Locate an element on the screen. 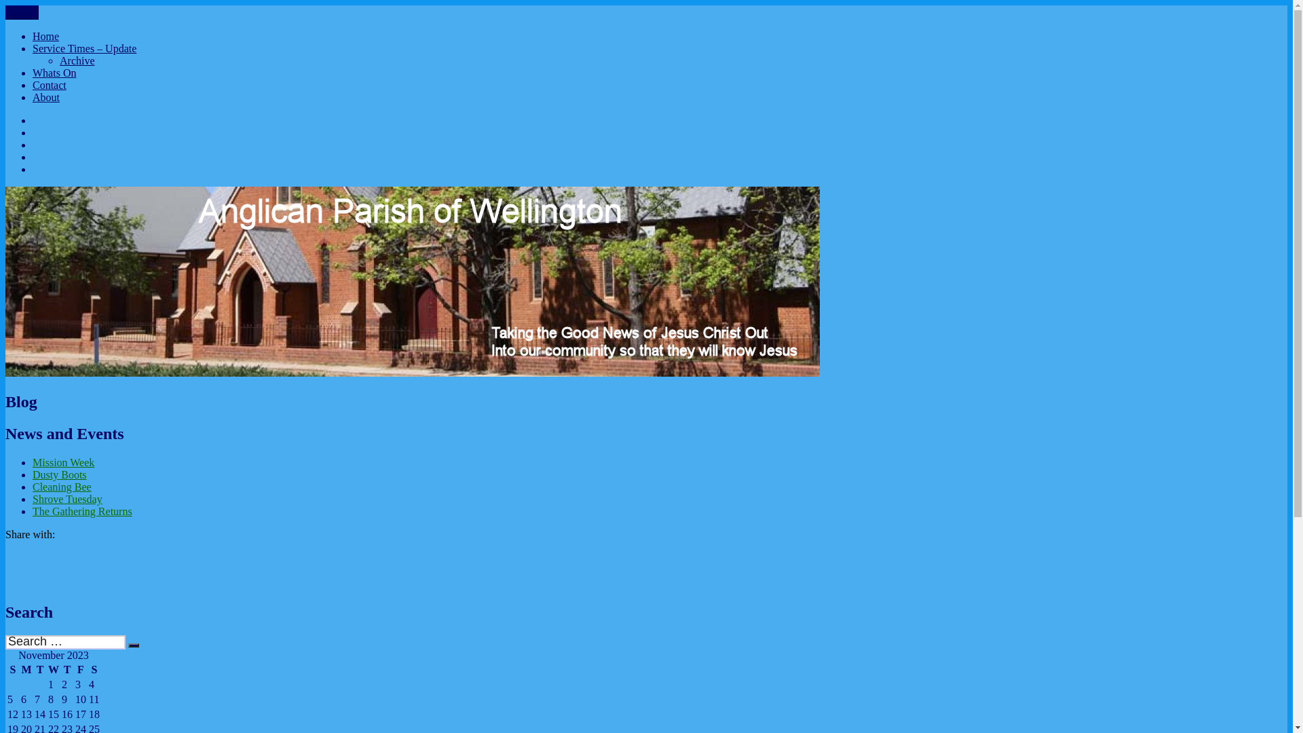  'About' is located at coordinates (45, 96).